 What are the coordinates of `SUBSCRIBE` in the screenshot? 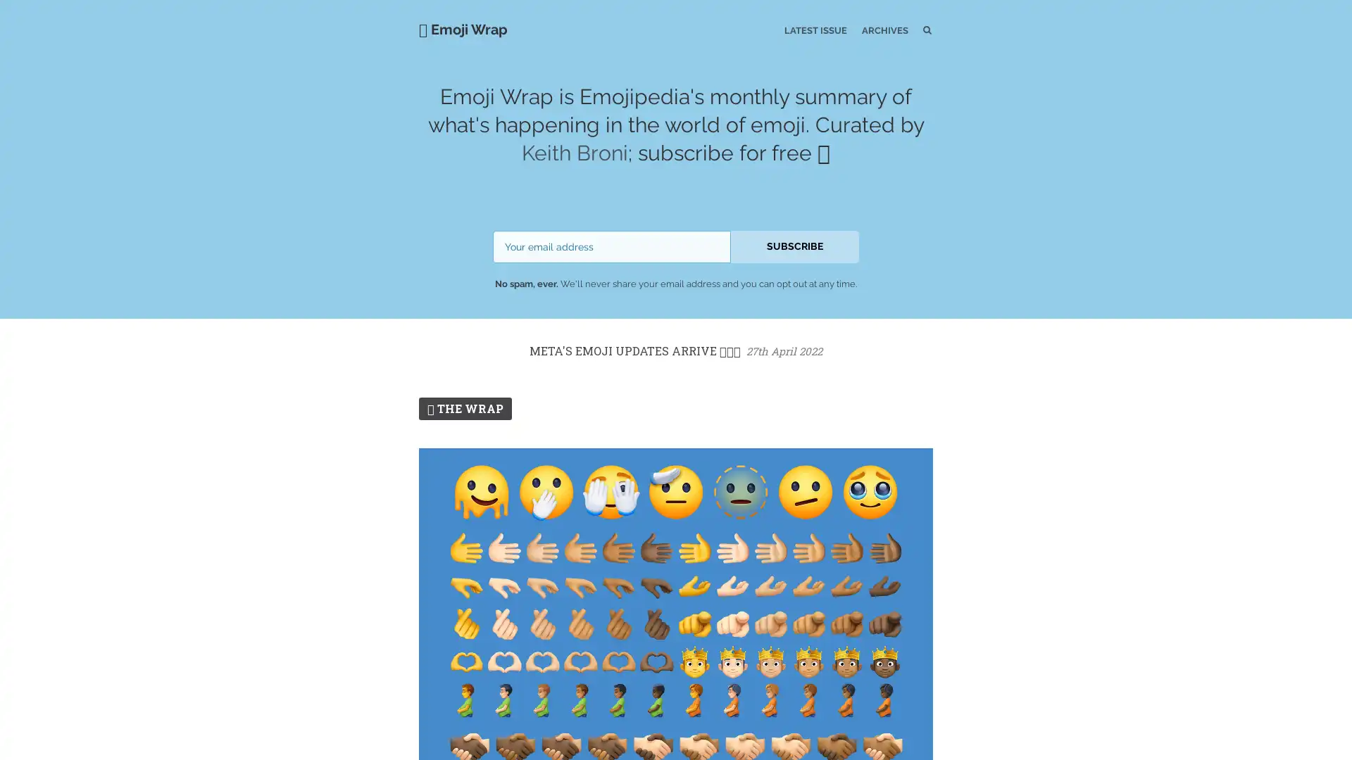 It's located at (794, 246).